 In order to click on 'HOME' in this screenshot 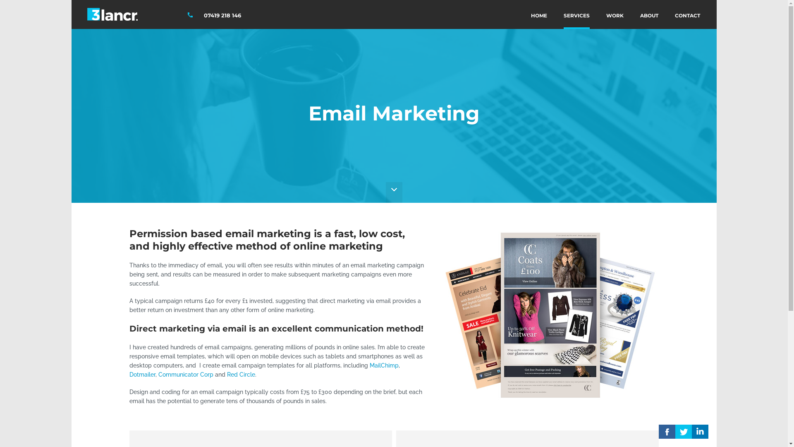, I will do `click(539, 14)`.